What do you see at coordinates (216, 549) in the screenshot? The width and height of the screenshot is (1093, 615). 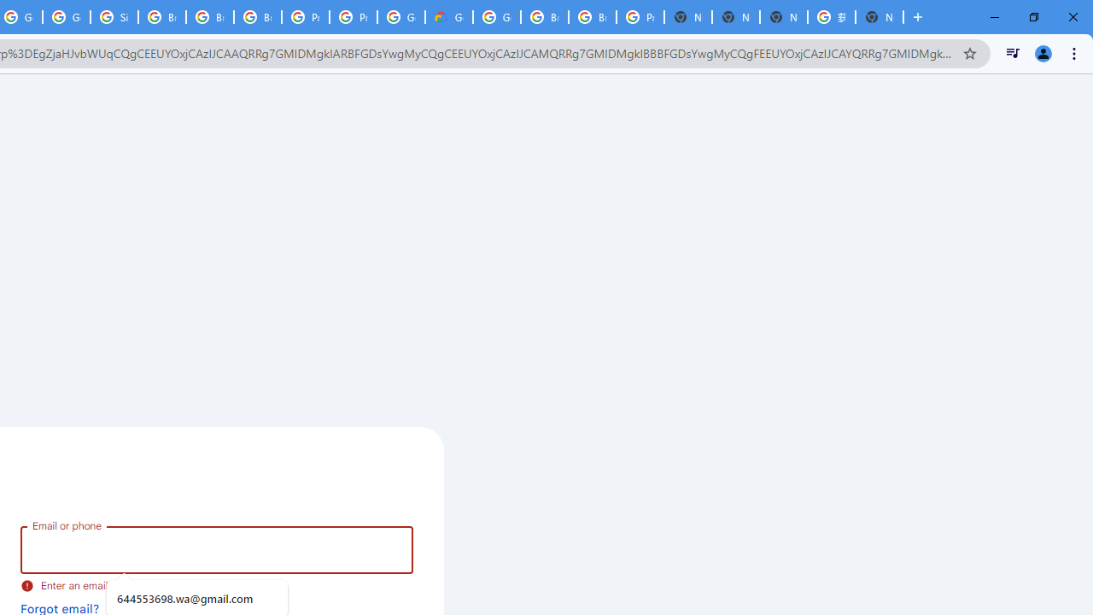 I see `'Email or phone'` at bounding box center [216, 549].